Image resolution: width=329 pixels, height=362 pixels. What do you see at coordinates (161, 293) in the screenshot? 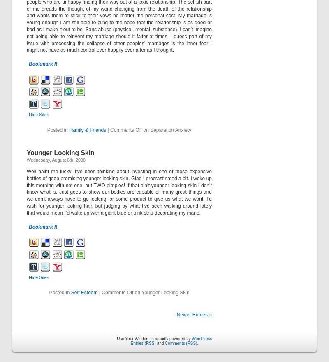
I see `'on Younger Looking Skin'` at bounding box center [161, 293].